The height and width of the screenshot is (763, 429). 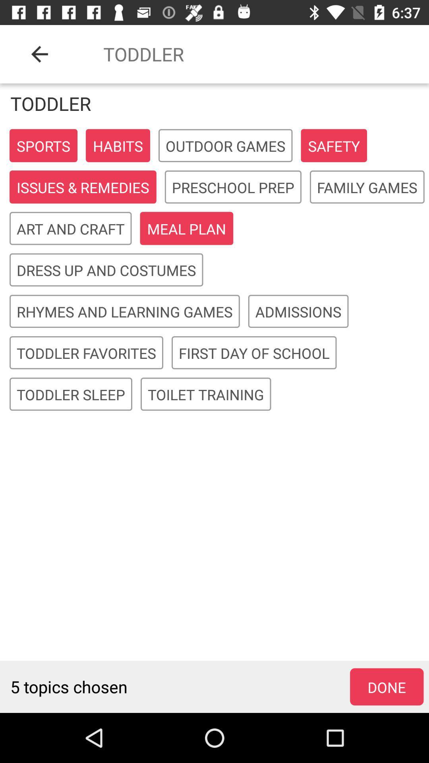 What do you see at coordinates (232, 187) in the screenshot?
I see `preschool prep icon` at bounding box center [232, 187].